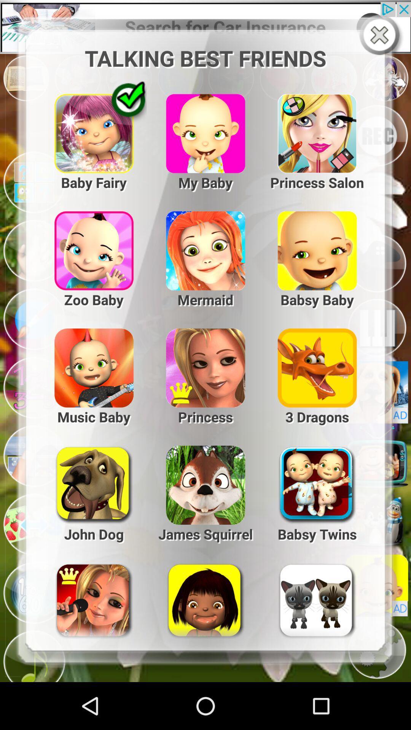 The height and width of the screenshot is (730, 411). What do you see at coordinates (381, 35) in the screenshot?
I see `window` at bounding box center [381, 35].